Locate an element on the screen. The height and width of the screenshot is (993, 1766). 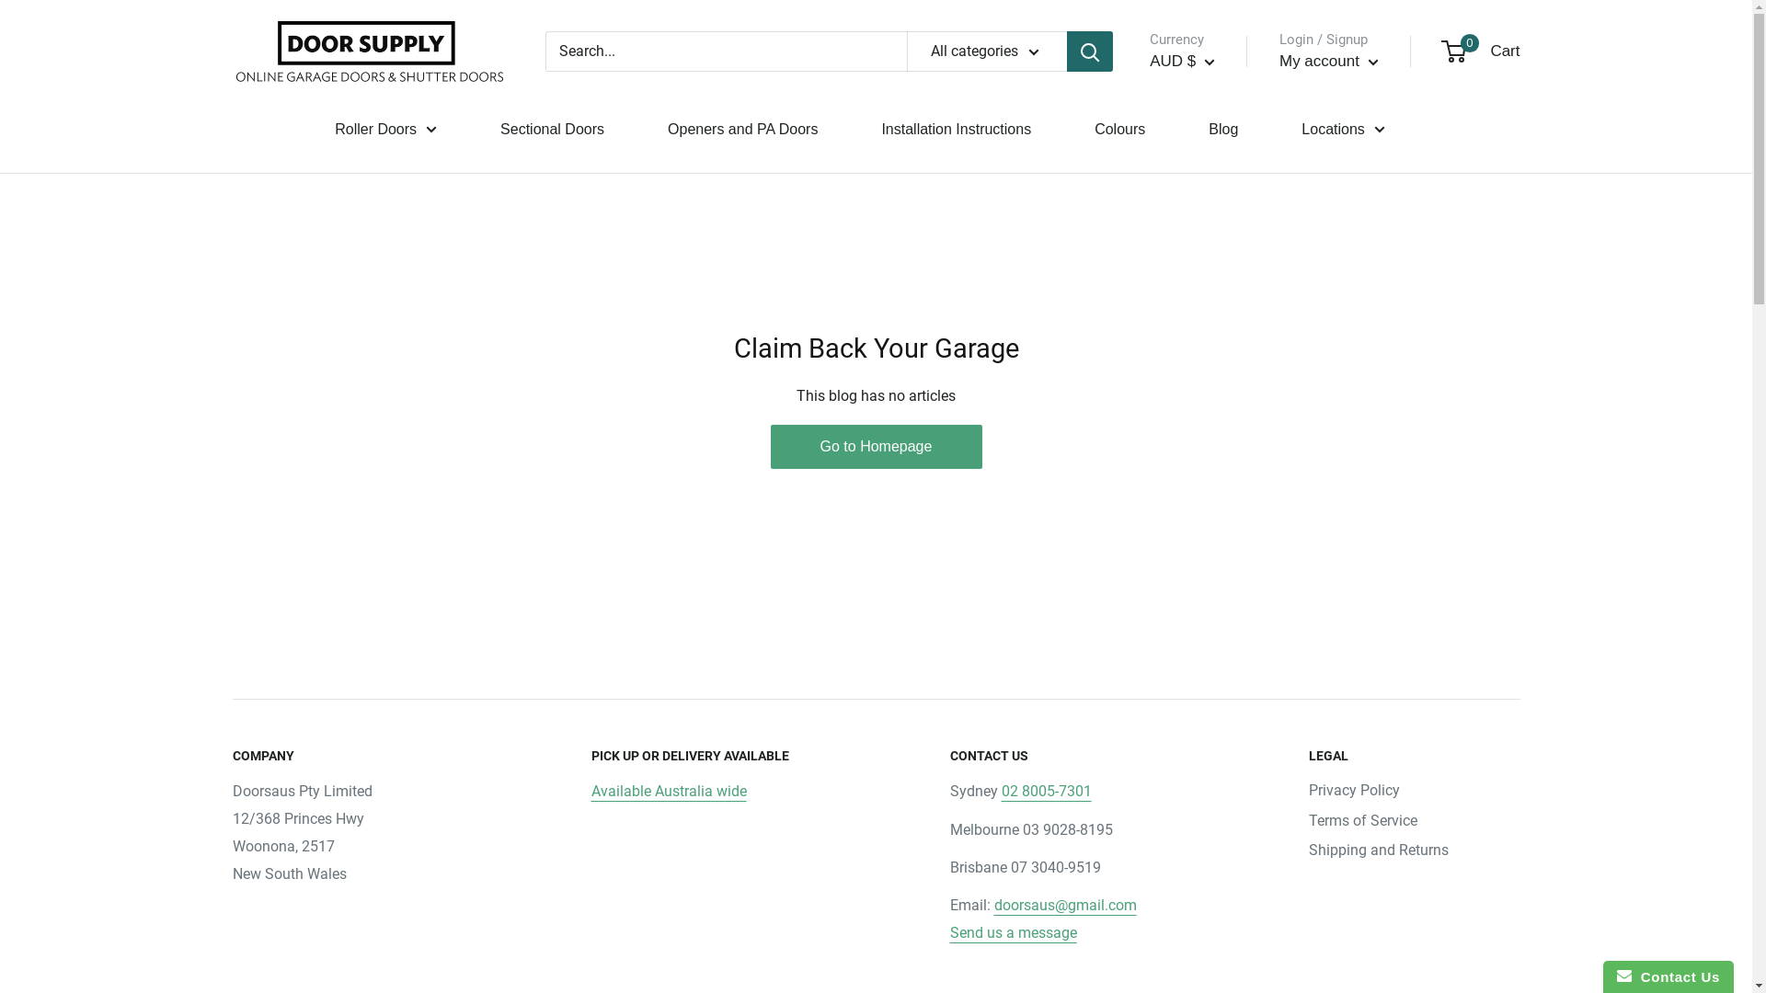
'doorsaus@gmail.com' is located at coordinates (1064, 904).